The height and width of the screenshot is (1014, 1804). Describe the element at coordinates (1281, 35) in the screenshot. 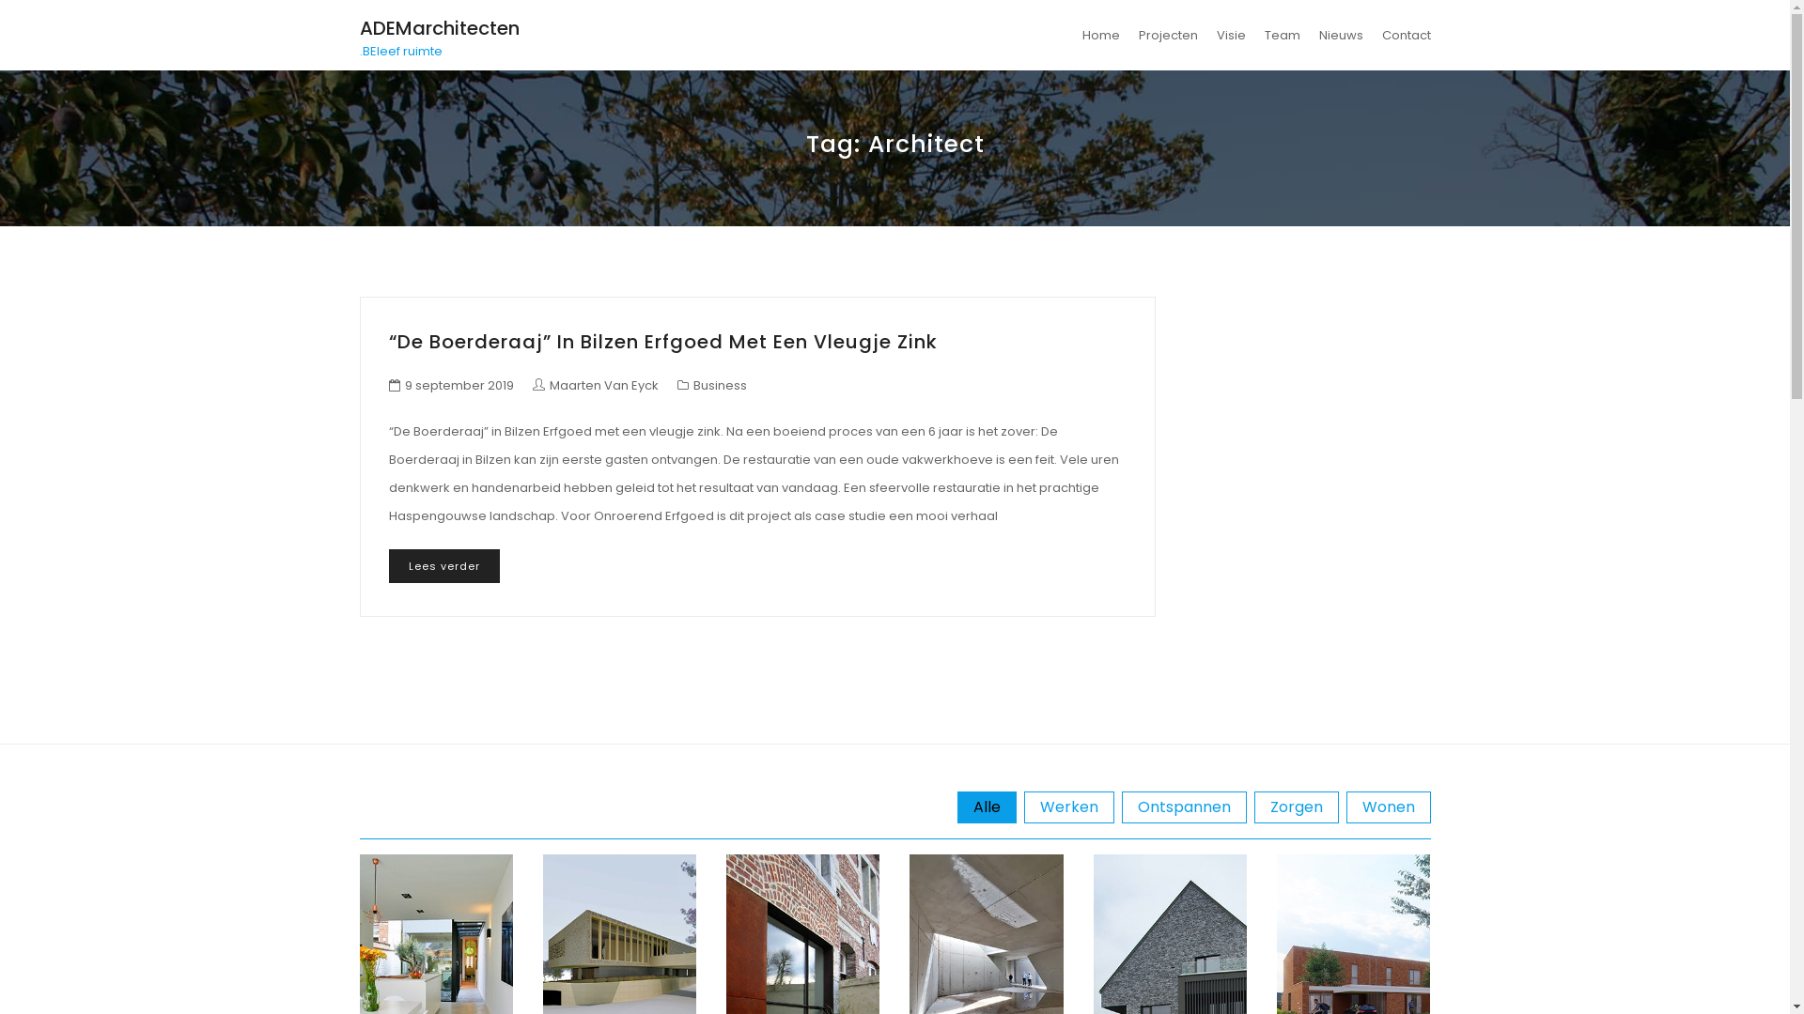

I see `'Team'` at that location.